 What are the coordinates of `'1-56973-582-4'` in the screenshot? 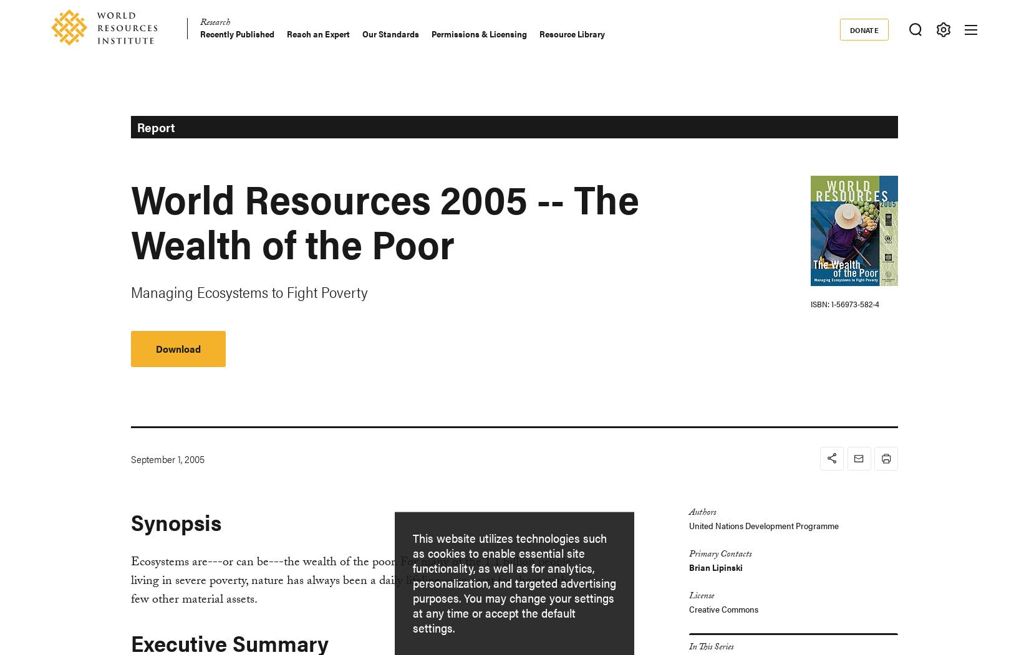 It's located at (853, 304).